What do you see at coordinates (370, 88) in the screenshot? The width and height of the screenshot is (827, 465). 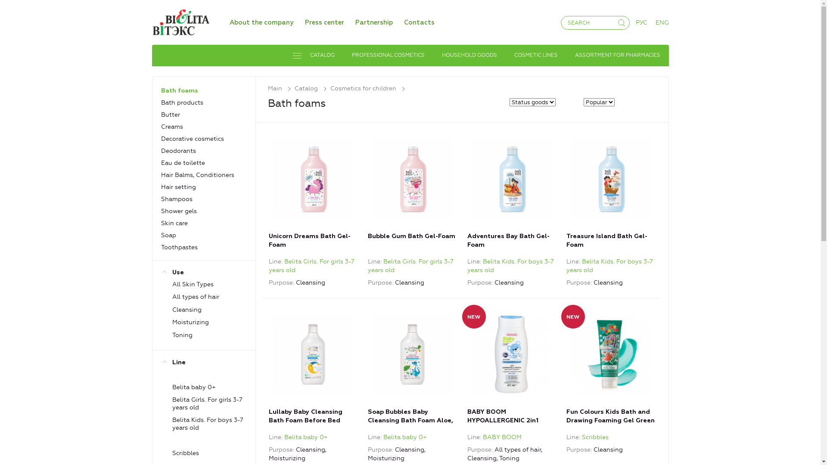 I see `'Cosmetics for children'` at bounding box center [370, 88].